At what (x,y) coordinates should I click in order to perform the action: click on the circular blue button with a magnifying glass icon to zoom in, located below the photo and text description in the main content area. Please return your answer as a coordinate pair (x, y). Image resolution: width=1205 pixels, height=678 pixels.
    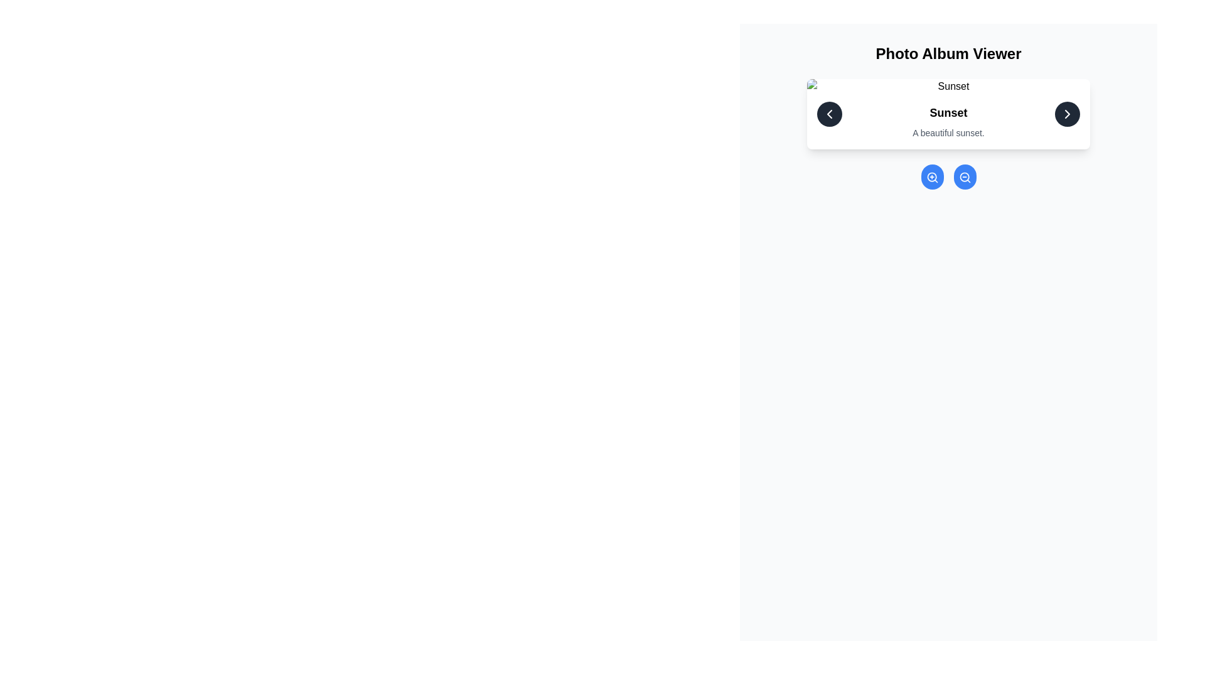
    Looking at the image, I should click on (932, 176).